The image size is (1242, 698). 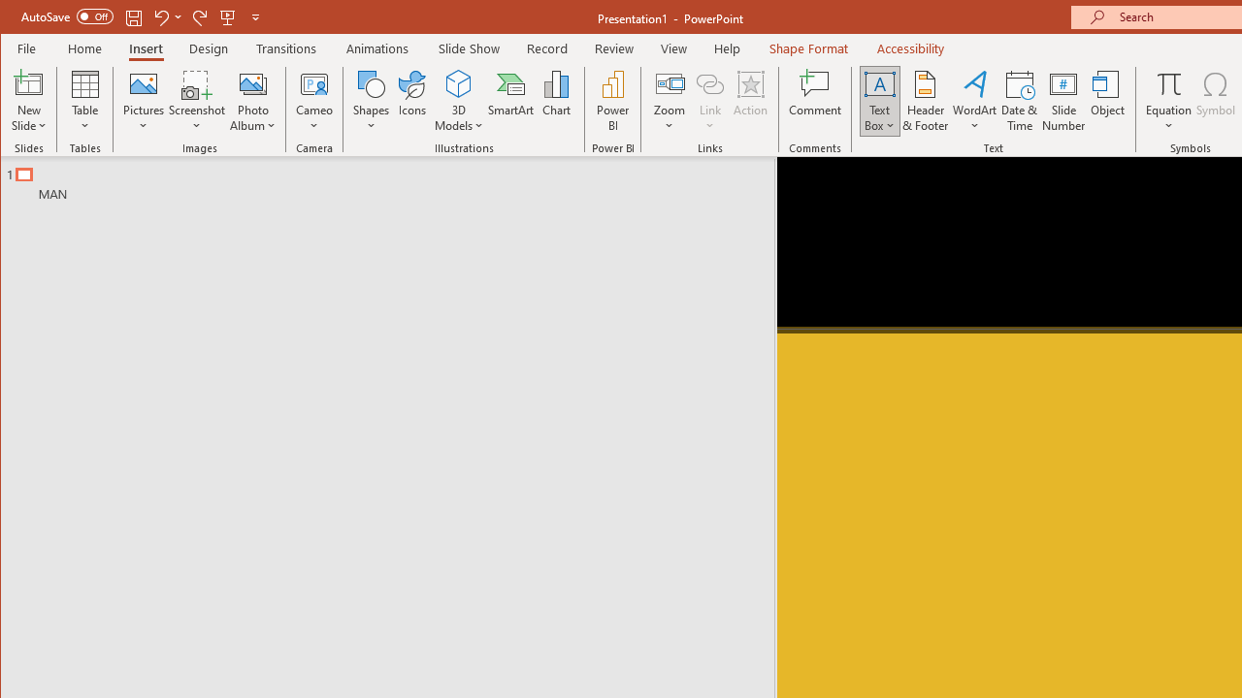 I want to click on '3D Models', so click(x=457, y=82).